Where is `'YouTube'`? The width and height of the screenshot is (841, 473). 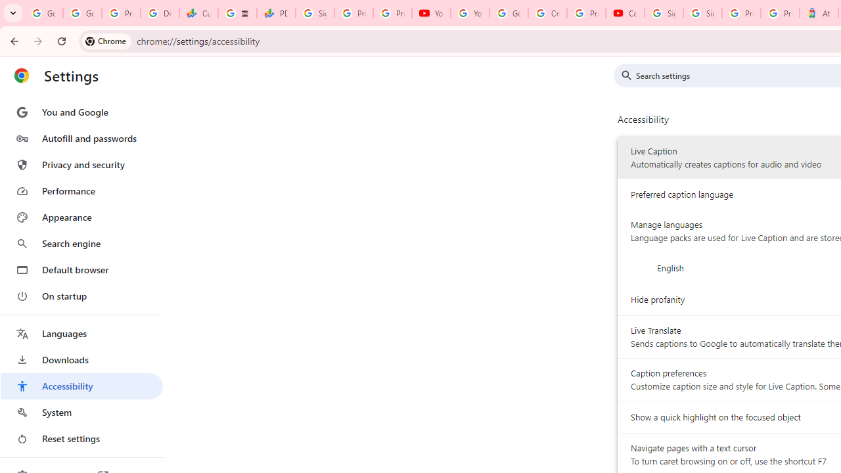 'YouTube' is located at coordinates (431, 13).